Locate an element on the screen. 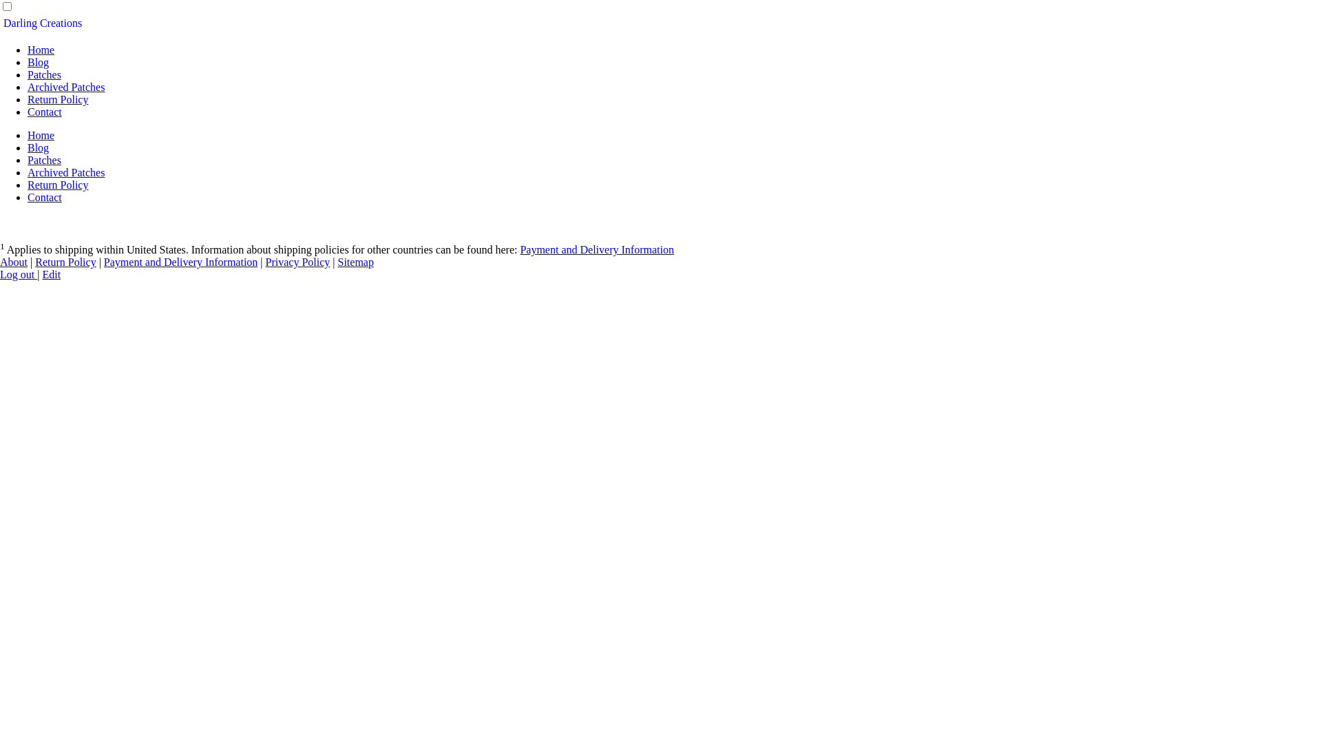 This screenshot has width=1322, height=744. 'About' is located at coordinates (13, 262).